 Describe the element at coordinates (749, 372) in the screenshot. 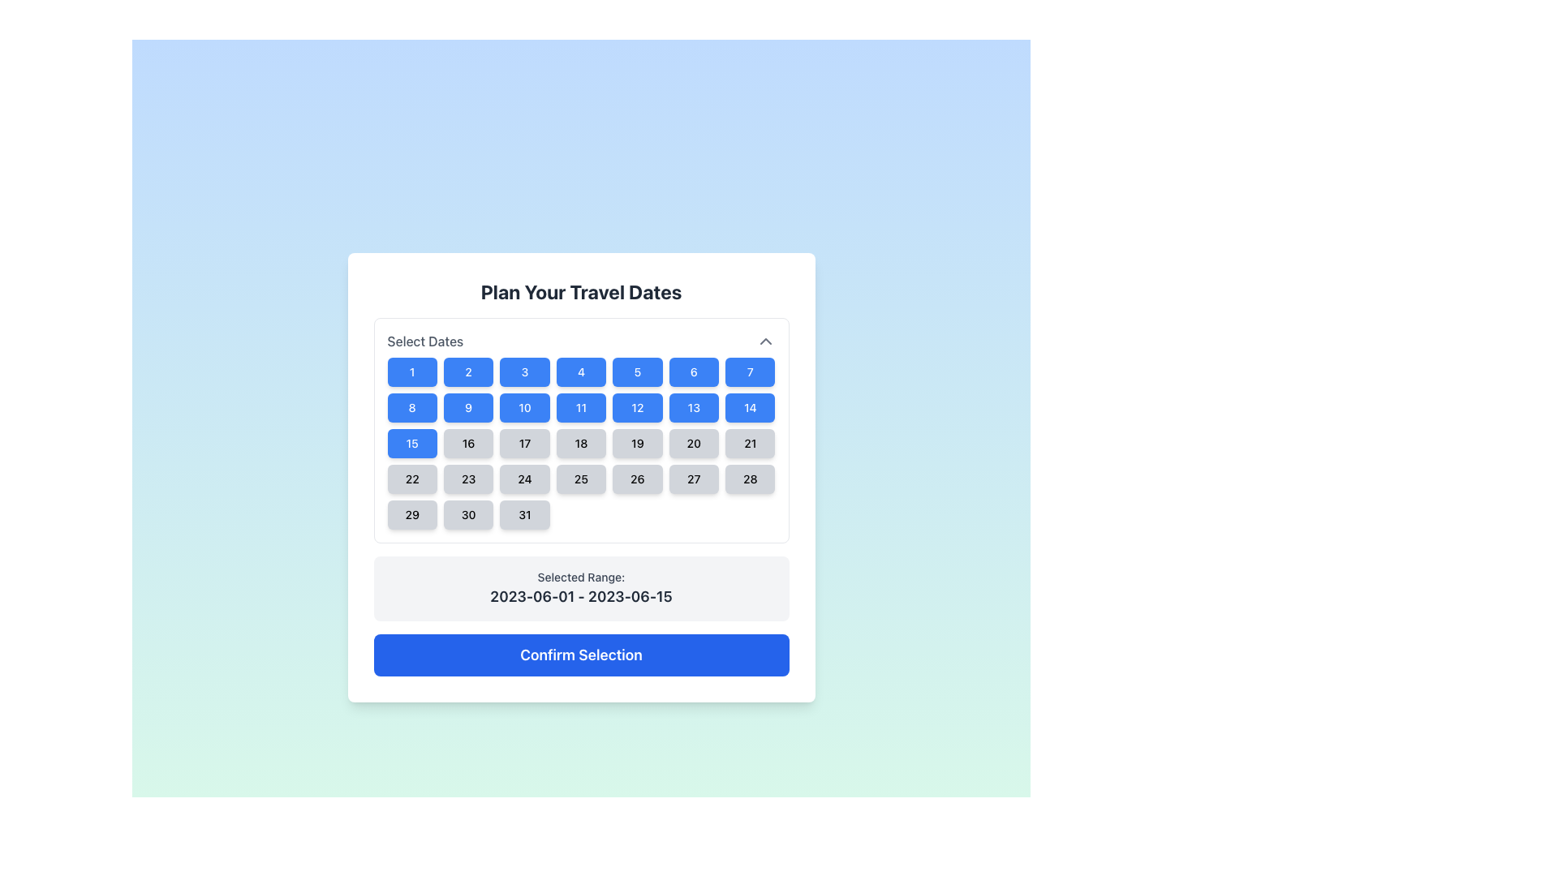

I see `the button representing the seventh day in the calendar grid` at that location.